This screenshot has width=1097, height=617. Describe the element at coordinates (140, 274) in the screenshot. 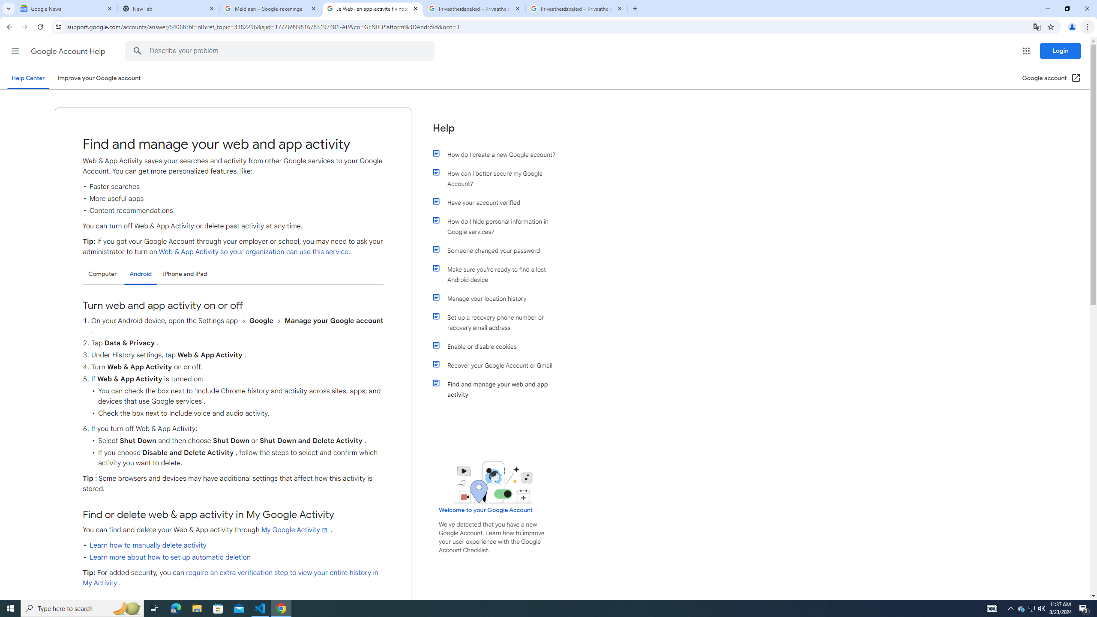

I see `'Android'` at that location.